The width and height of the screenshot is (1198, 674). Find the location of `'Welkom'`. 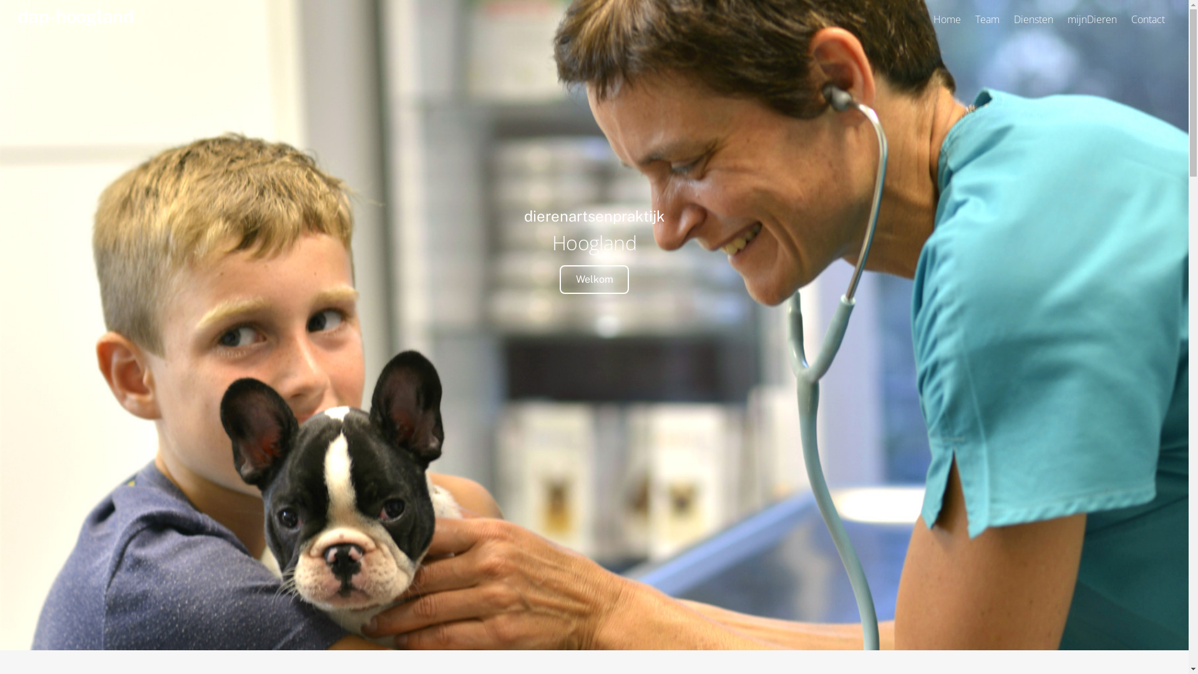

'Welkom' is located at coordinates (593, 278).